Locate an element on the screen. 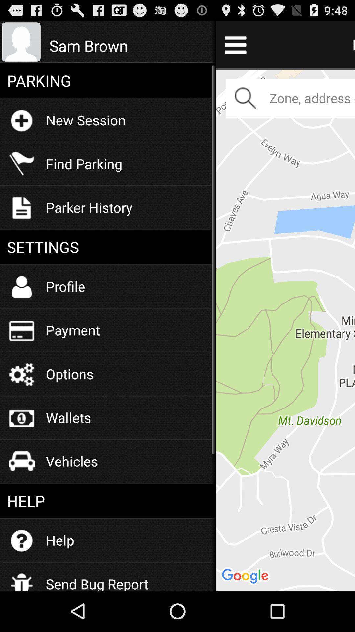 The height and width of the screenshot is (632, 355). the icon which is left to the text options is located at coordinates (21, 374).